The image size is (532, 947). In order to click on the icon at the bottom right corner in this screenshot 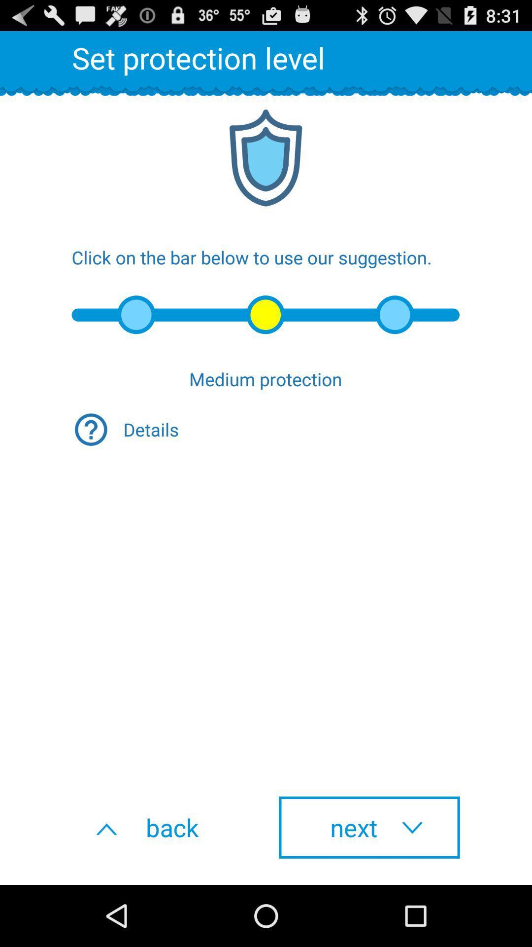, I will do `click(369, 827)`.